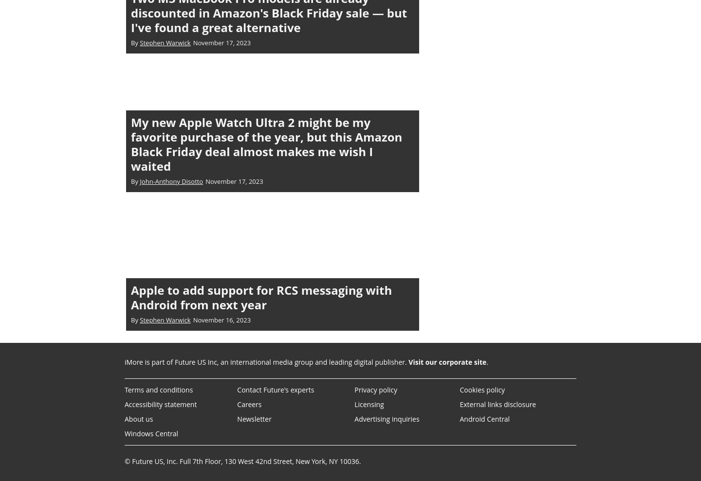  Describe the element at coordinates (484, 418) in the screenshot. I see `'Android Central'` at that location.